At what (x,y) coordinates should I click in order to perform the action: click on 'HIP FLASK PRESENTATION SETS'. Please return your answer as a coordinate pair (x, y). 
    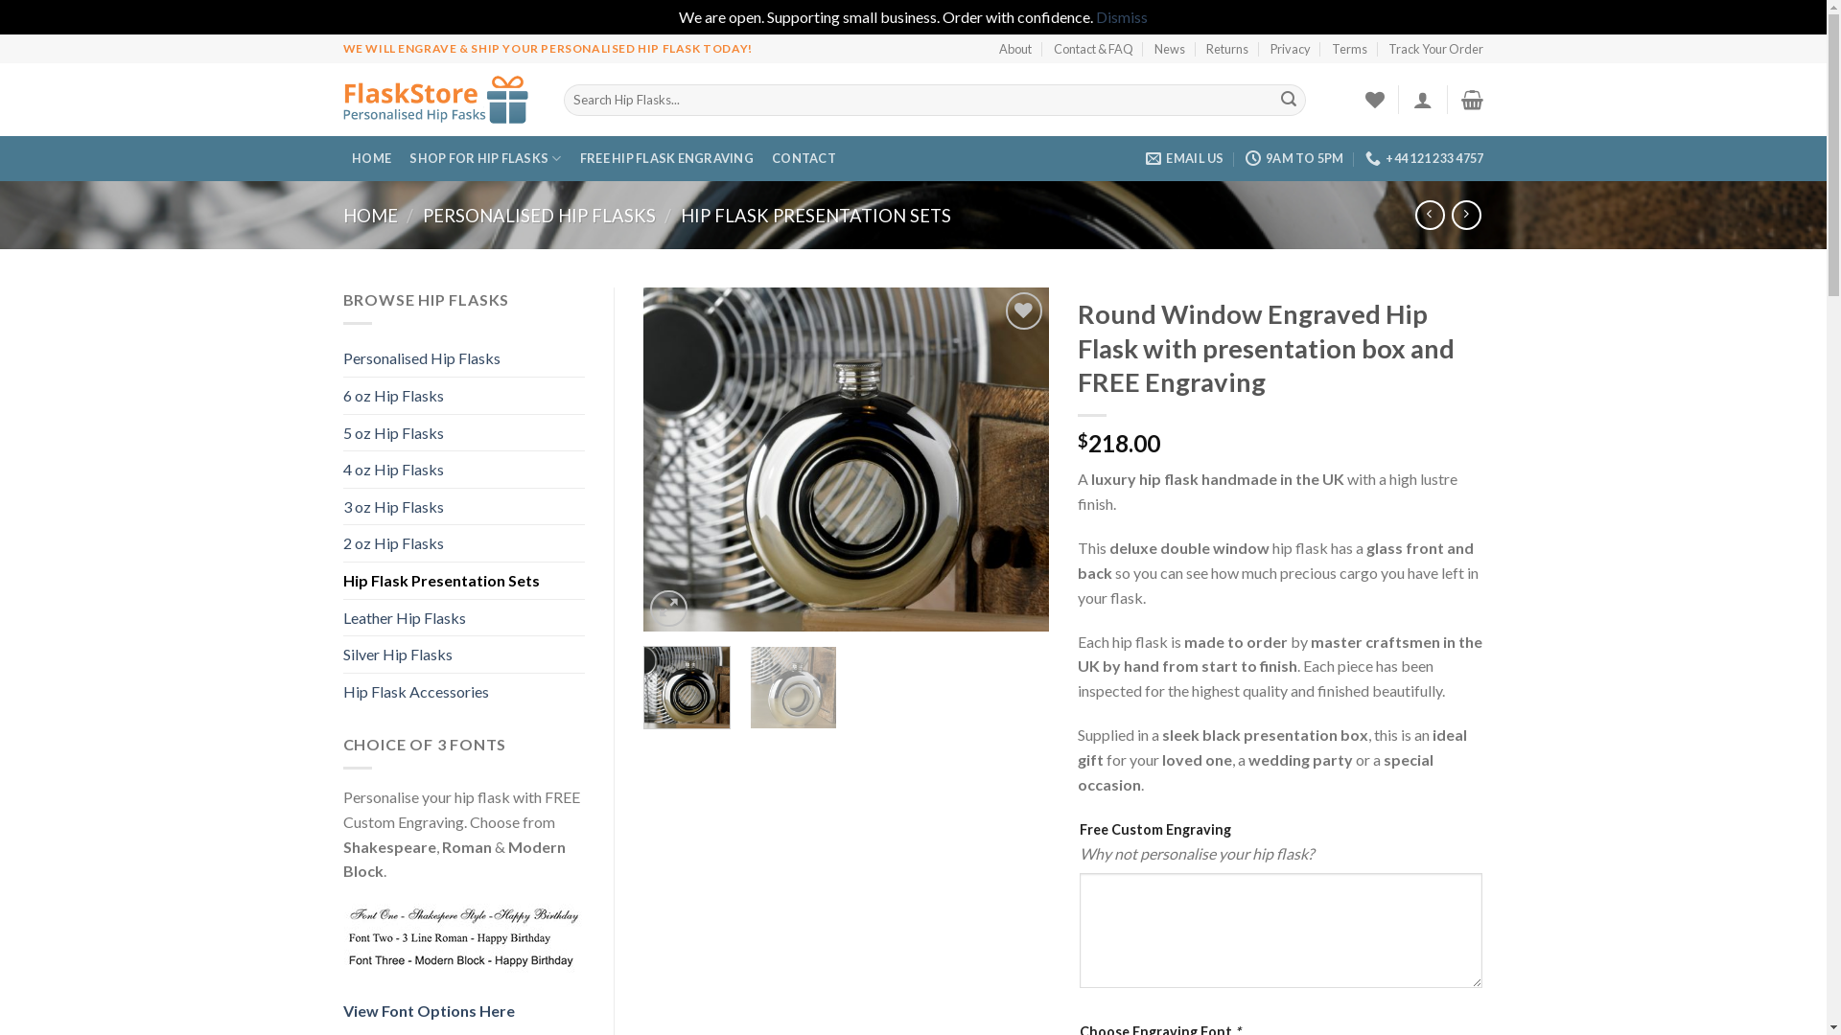
    Looking at the image, I should click on (815, 215).